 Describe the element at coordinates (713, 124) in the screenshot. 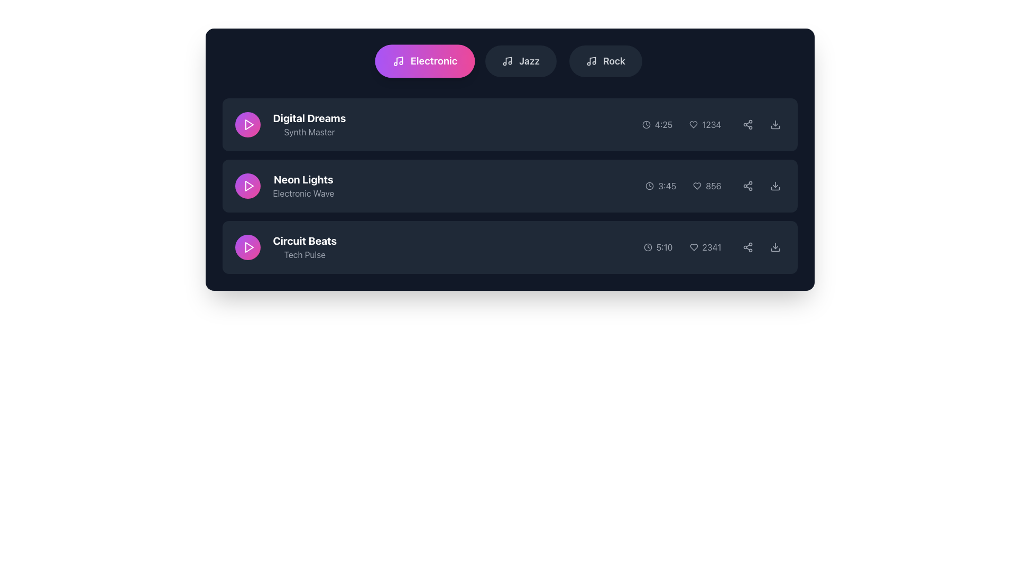

I see `the Display component that shows a clock icon with '4:25' on the left and a heart icon with '1234' on the right, positioned in the first list item for 'Digital Dreams'` at that location.